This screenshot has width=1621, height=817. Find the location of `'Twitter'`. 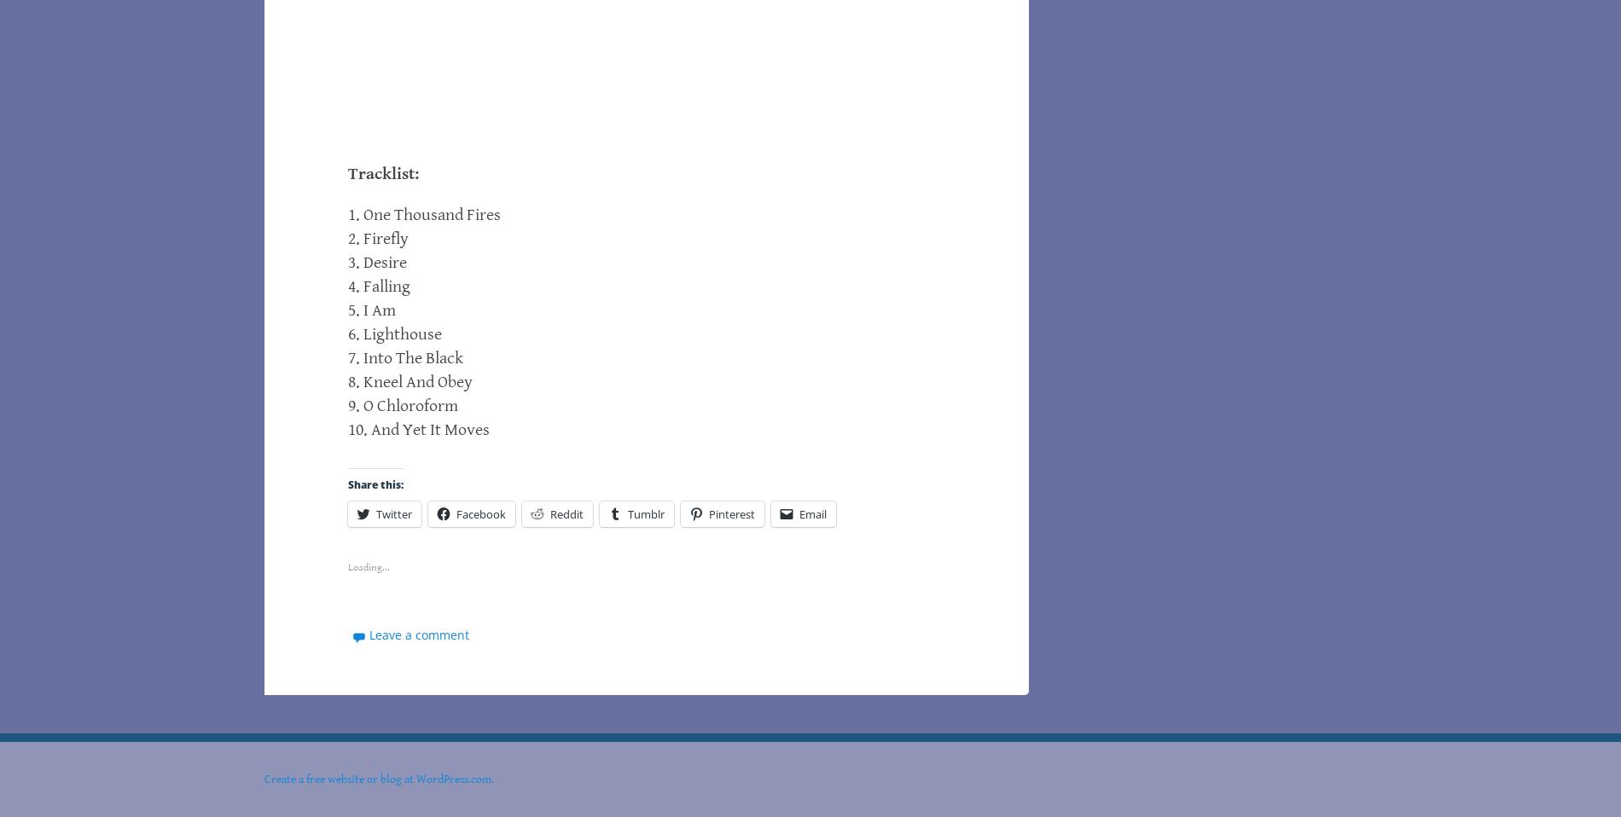

'Twitter' is located at coordinates (375, 513).